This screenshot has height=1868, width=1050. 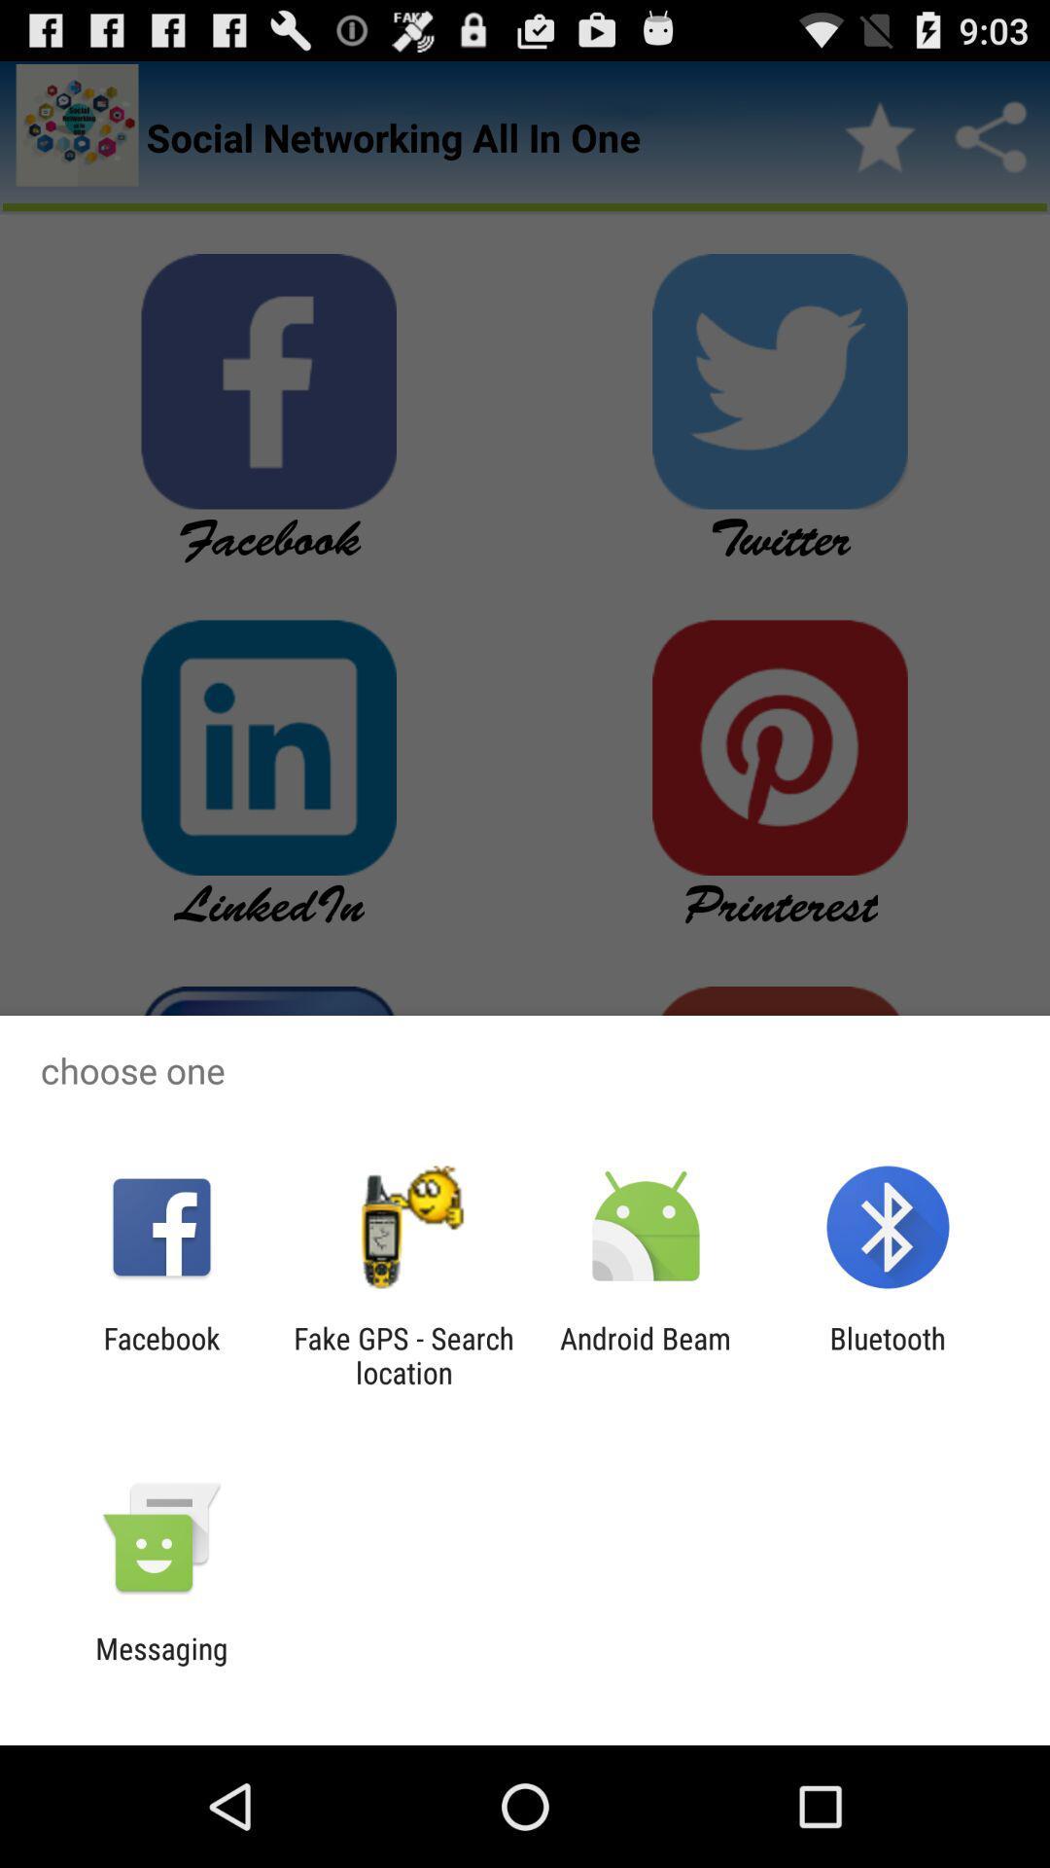 I want to click on the icon to the right of fake gps search app, so click(x=646, y=1354).